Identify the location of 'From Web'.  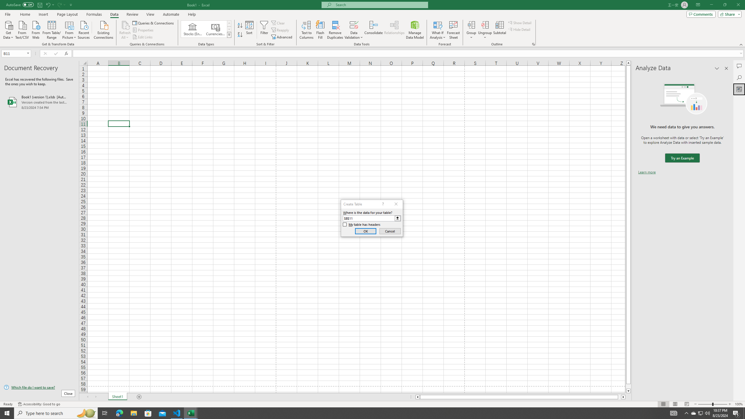
(36, 29).